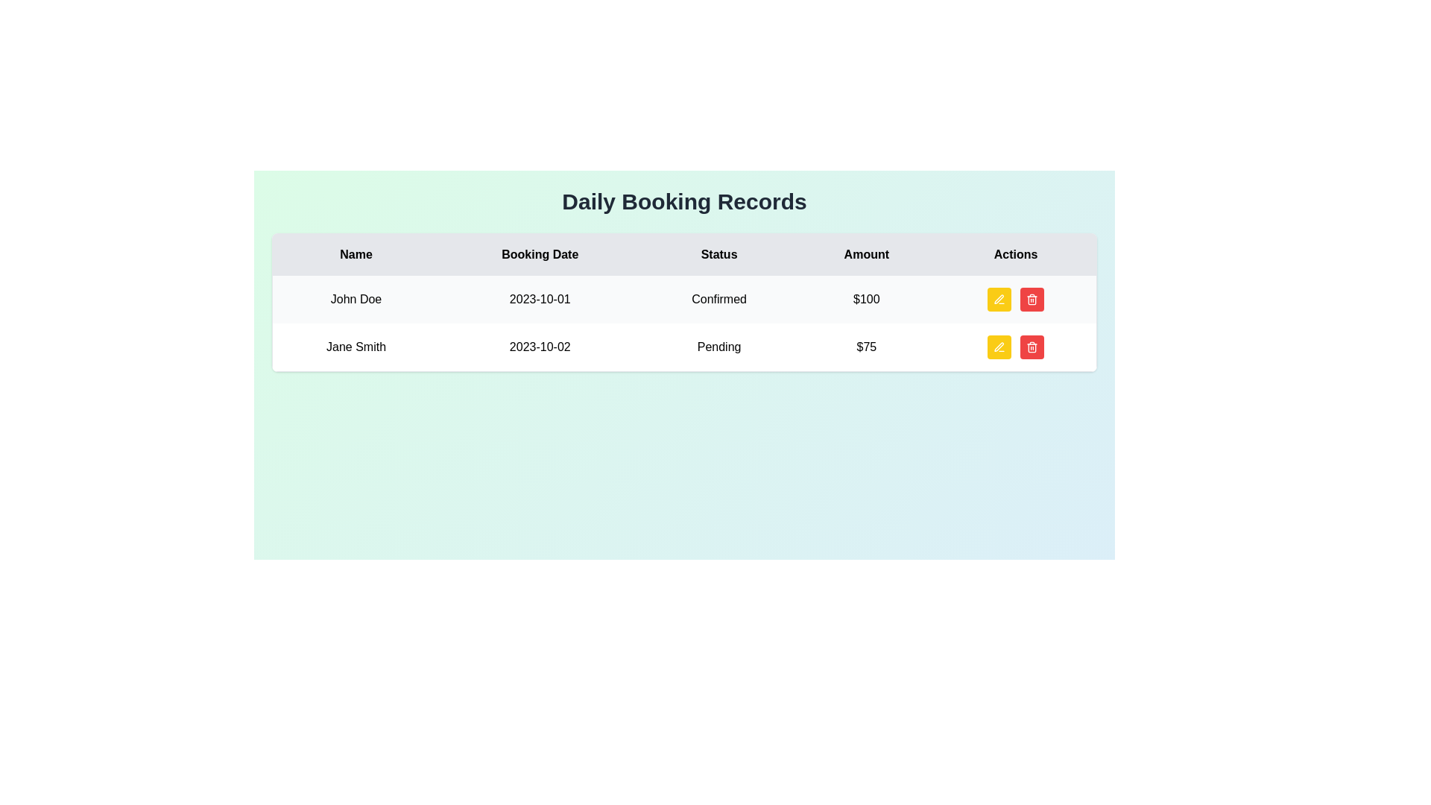  I want to click on the Text label displaying the name of an individual in the first column of the first data row under the 'Name' header in the 'Daily Booking Records' table, so click(355, 299).